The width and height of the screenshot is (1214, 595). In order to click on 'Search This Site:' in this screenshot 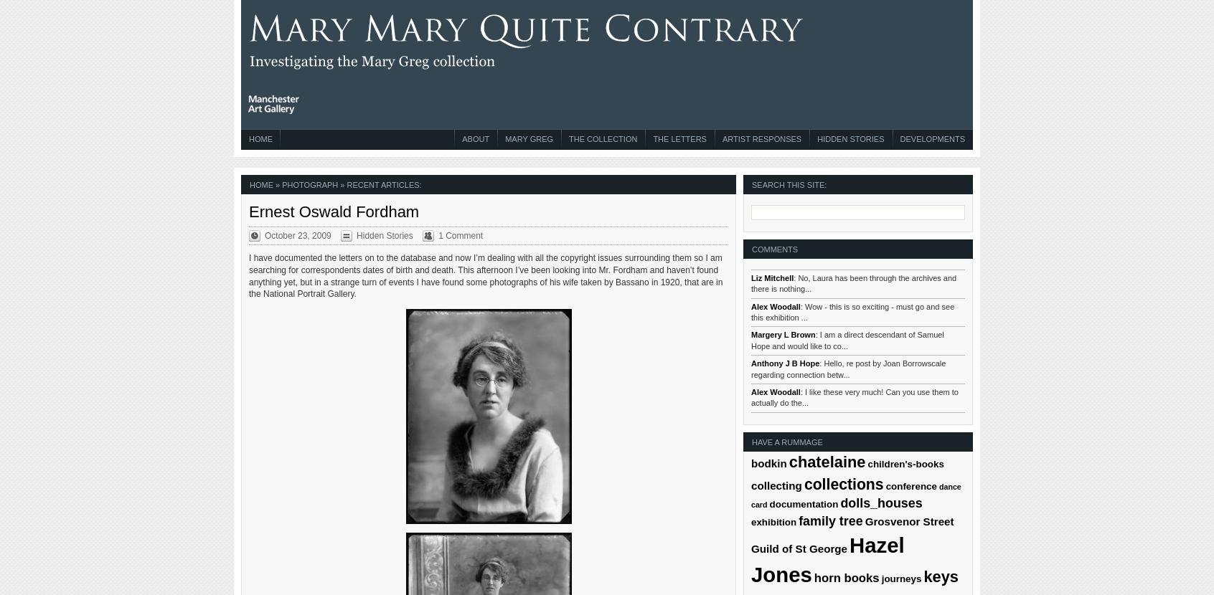, I will do `click(789, 184)`.